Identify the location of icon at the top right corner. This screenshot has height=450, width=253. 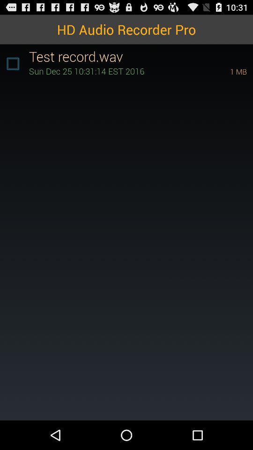
(225, 71).